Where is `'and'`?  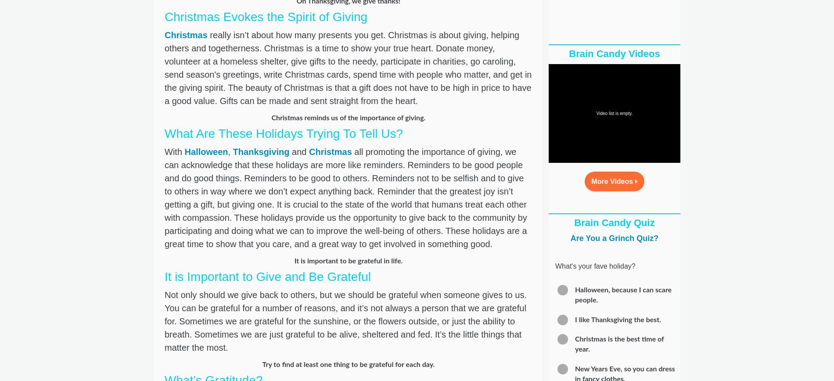 'and' is located at coordinates (299, 151).